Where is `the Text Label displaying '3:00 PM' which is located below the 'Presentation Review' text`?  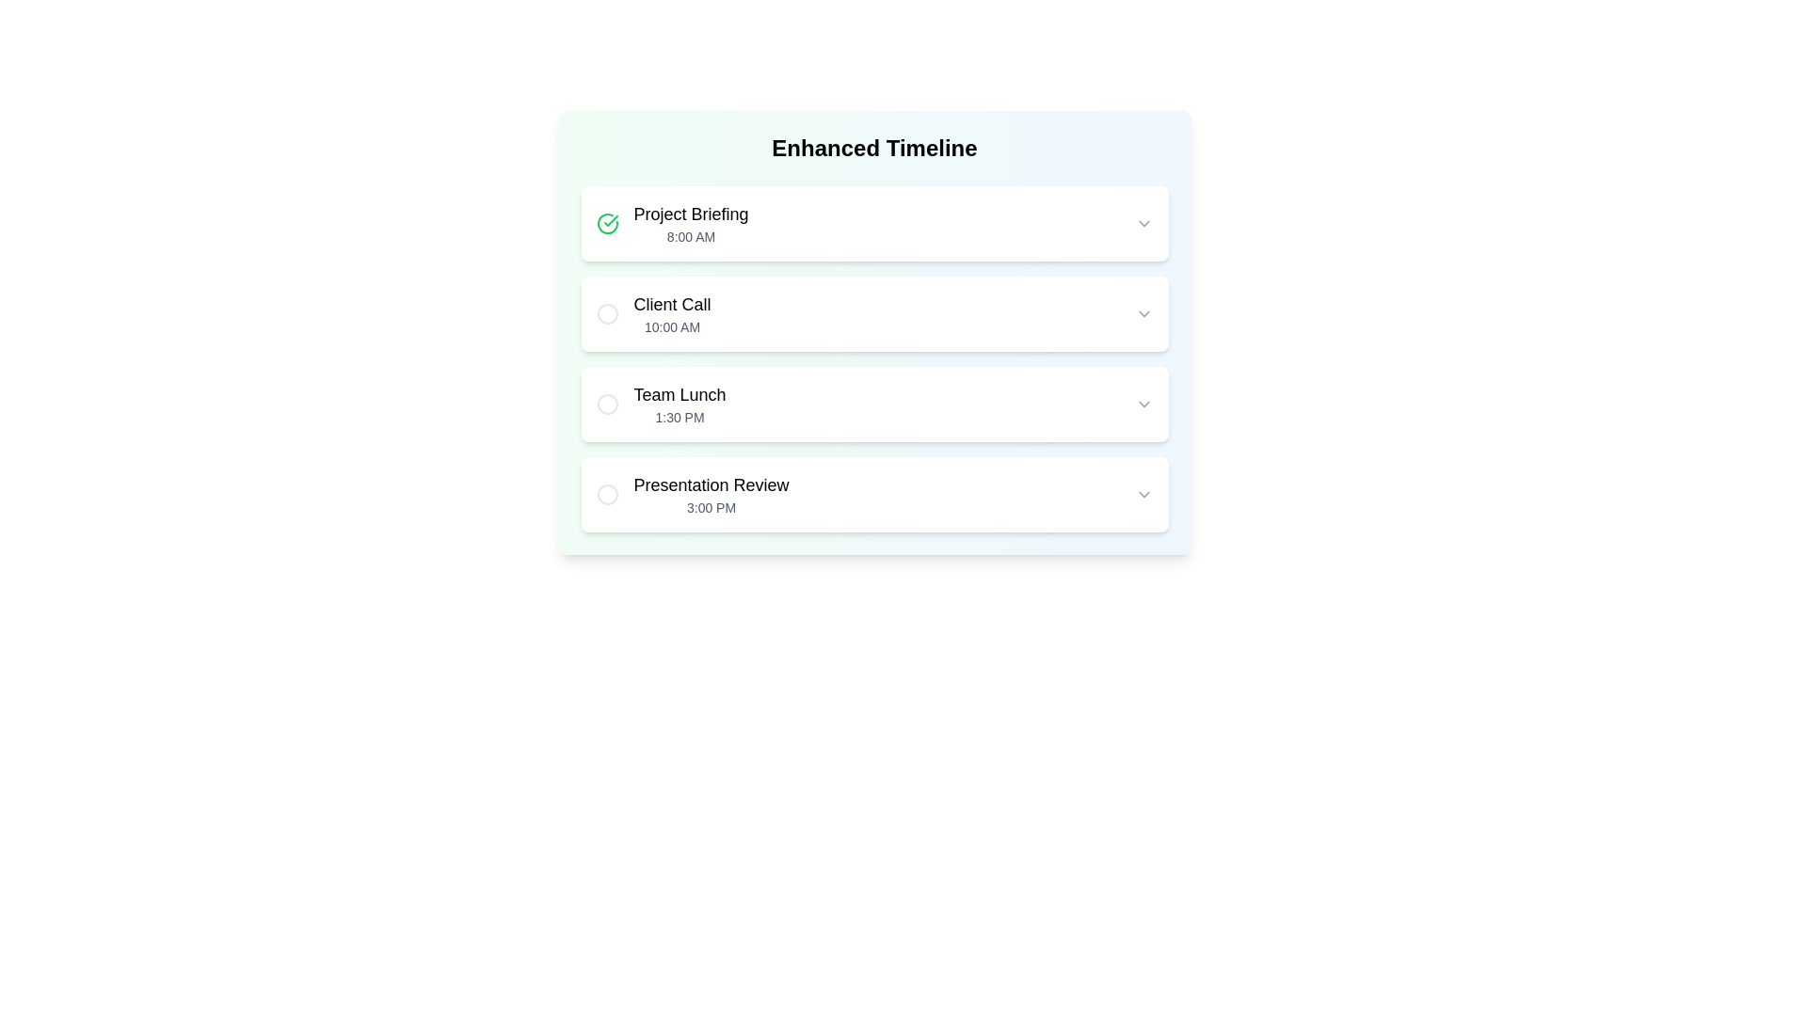 the Text Label displaying '3:00 PM' which is located below the 'Presentation Review' text is located at coordinates (711, 508).